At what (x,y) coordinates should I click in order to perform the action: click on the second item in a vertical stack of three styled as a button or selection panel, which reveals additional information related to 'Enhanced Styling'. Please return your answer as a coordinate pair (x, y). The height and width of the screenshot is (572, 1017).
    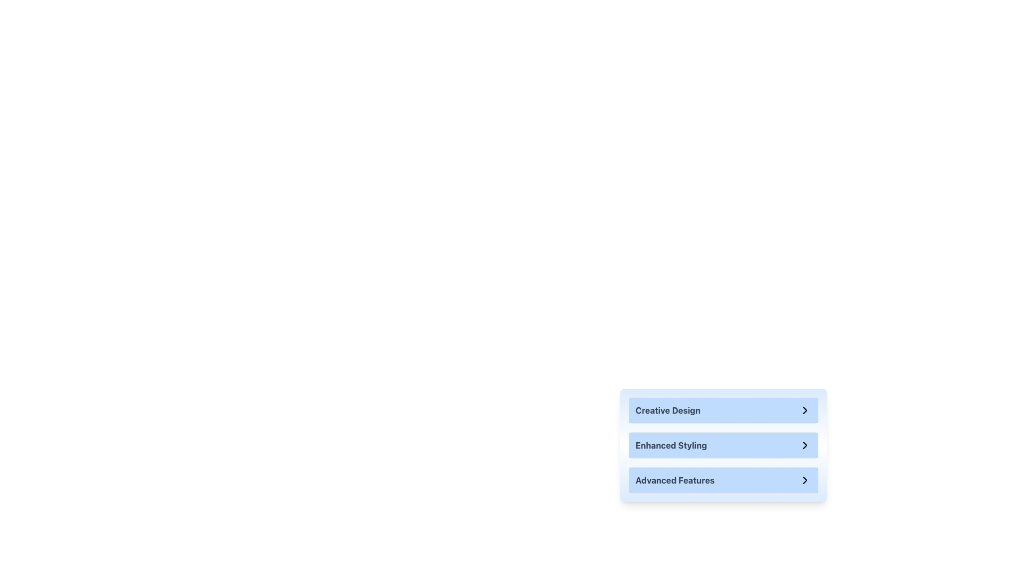
    Looking at the image, I should click on (723, 445).